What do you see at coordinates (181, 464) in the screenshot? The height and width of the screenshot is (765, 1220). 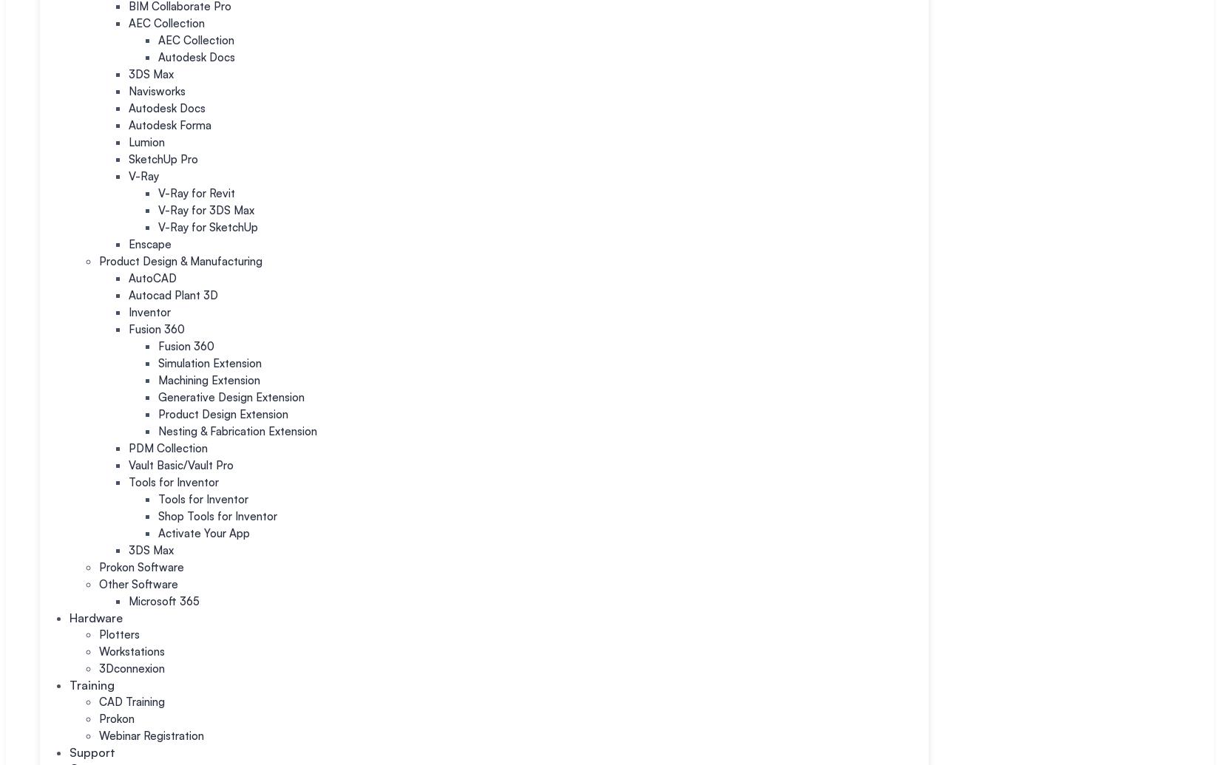 I see `'Vault Basic/Vault Pro'` at bounding box center [181, 464].